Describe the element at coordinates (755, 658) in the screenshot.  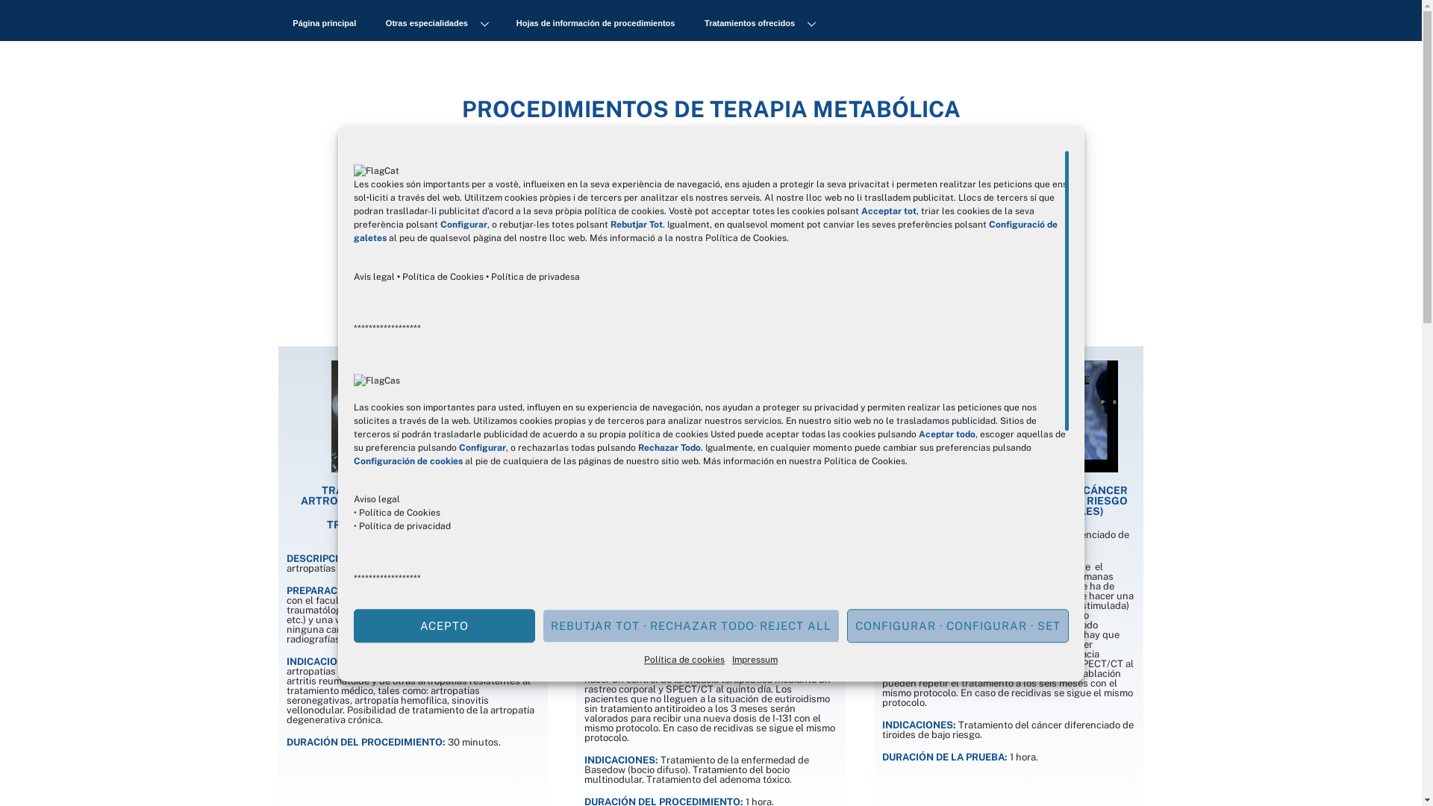
I see `'Impressum'` at that location.